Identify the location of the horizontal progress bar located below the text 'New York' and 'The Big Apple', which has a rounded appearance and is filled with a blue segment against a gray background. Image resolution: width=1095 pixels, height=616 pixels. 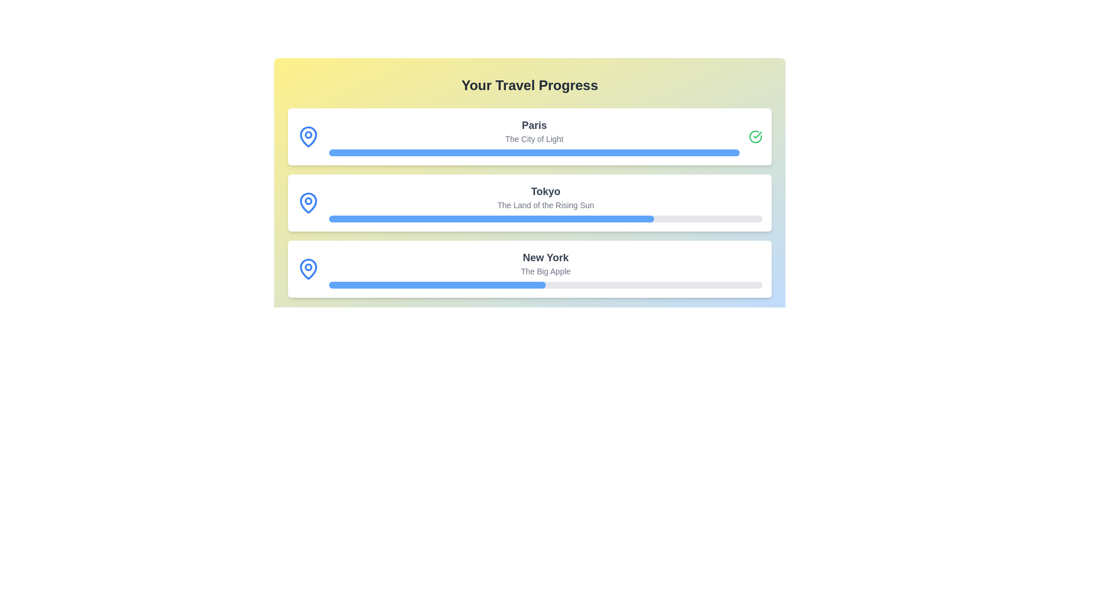
(545, 285).